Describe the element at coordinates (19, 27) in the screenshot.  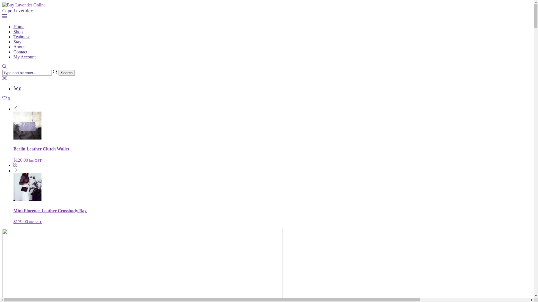
I see `'Home'` at that location.